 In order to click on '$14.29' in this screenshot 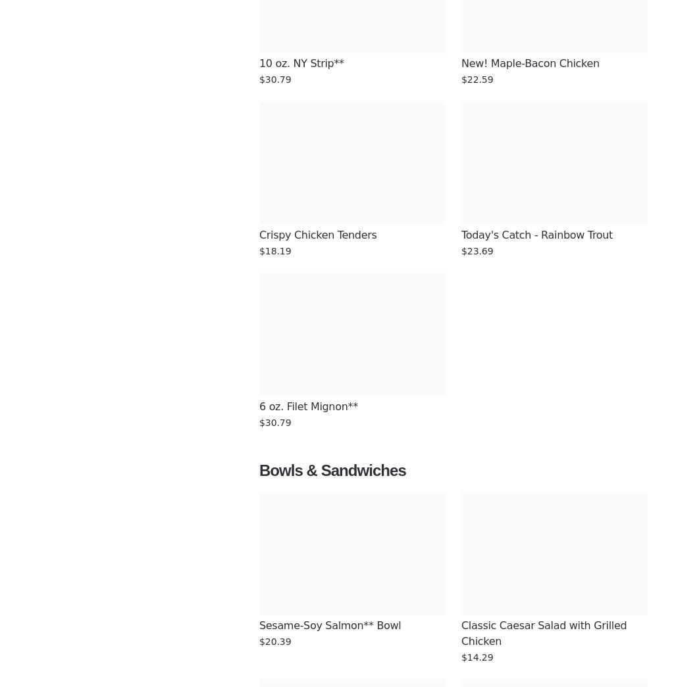, I will do `click(461, 657)`.